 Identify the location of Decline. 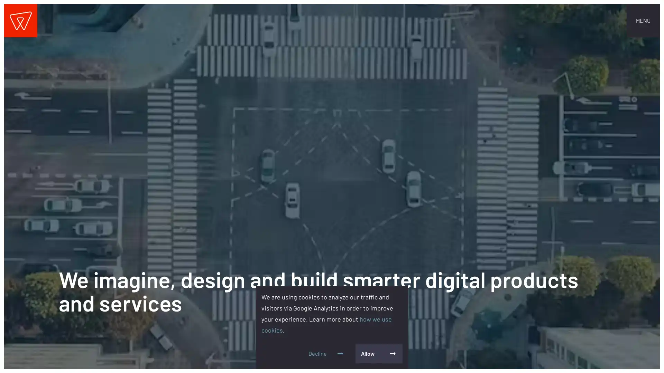
(326, 353).